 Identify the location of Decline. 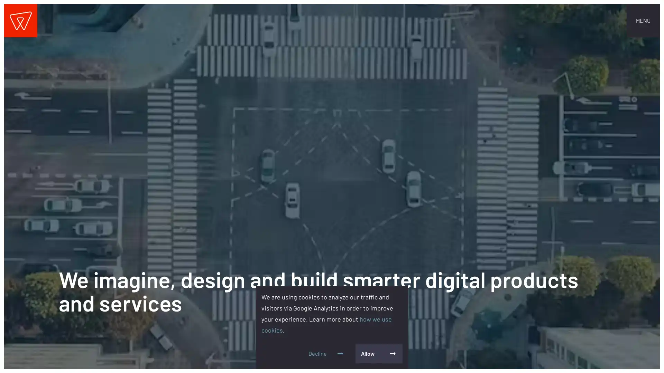
(326, 353).